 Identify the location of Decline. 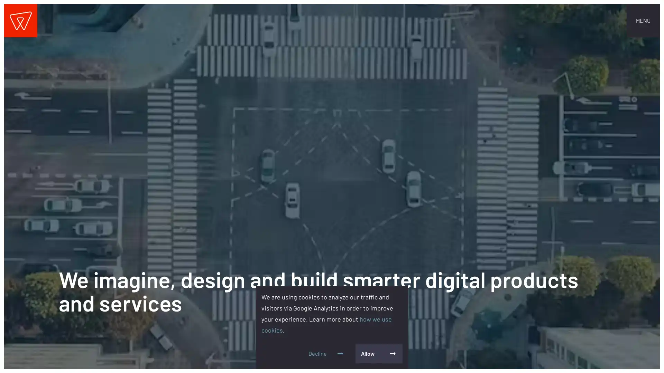
(326, 353).